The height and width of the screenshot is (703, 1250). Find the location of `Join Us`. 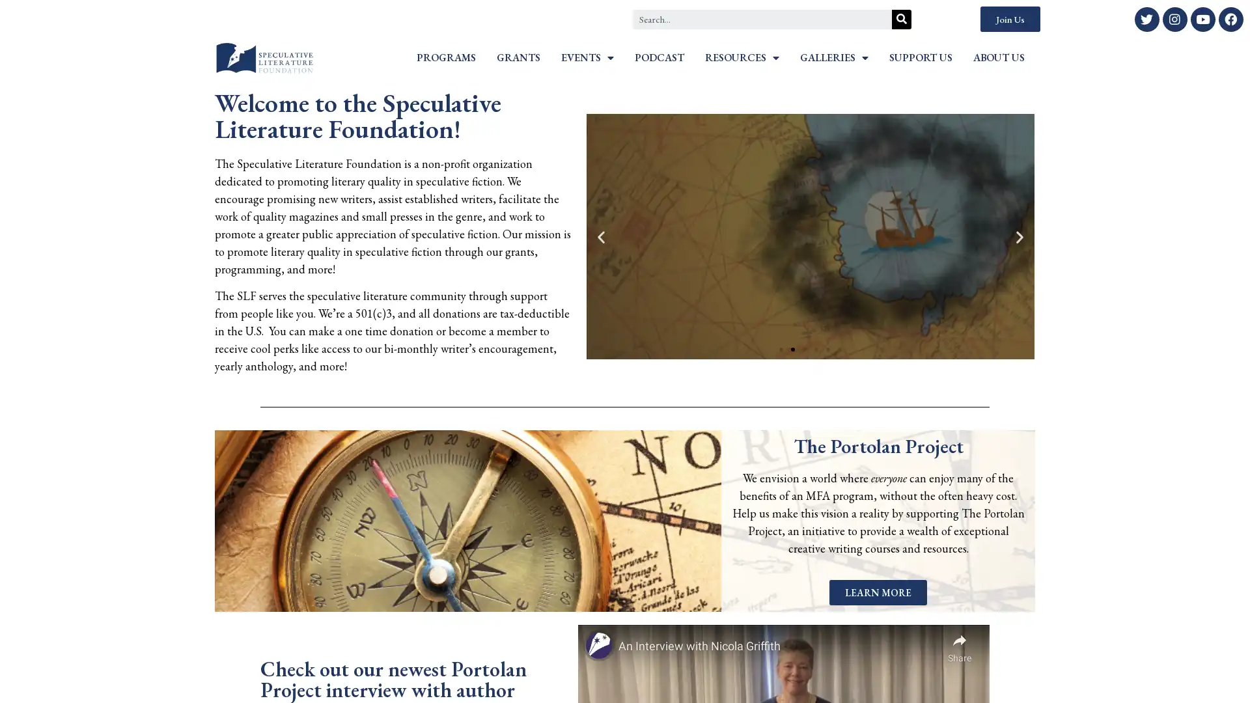

Join Us is located at coordinates (1009, 19).